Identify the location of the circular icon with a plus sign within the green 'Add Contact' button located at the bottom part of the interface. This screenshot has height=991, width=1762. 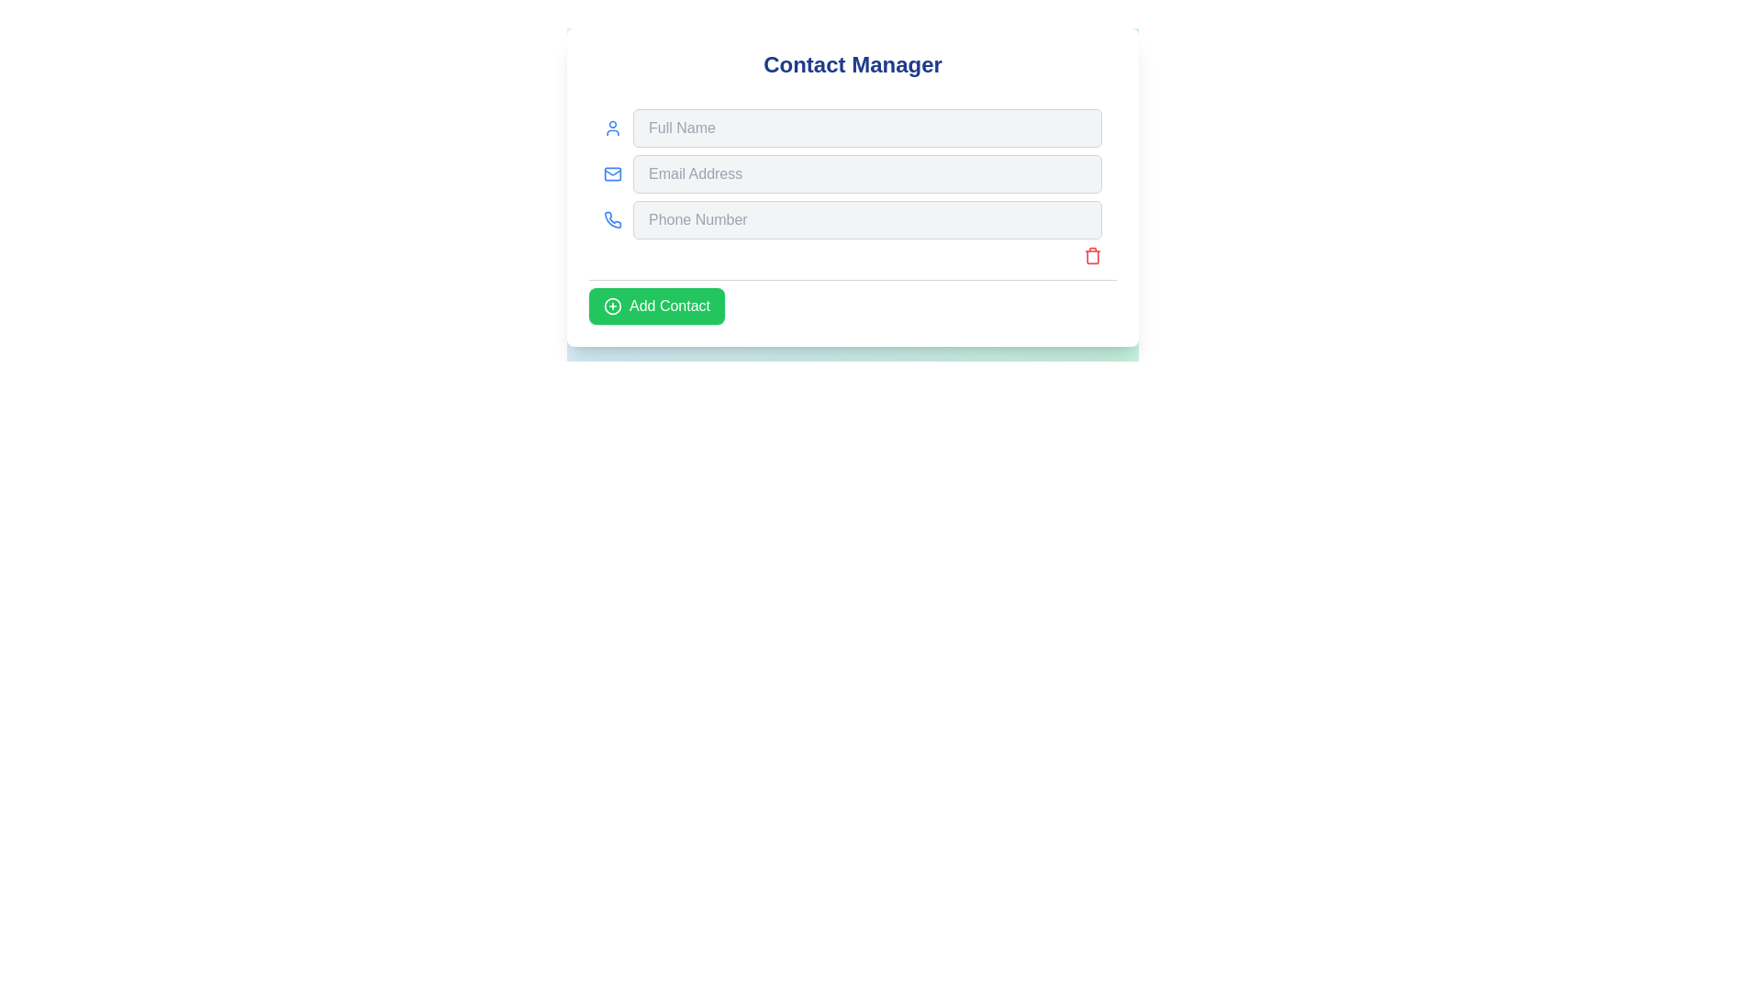
(612, 306).